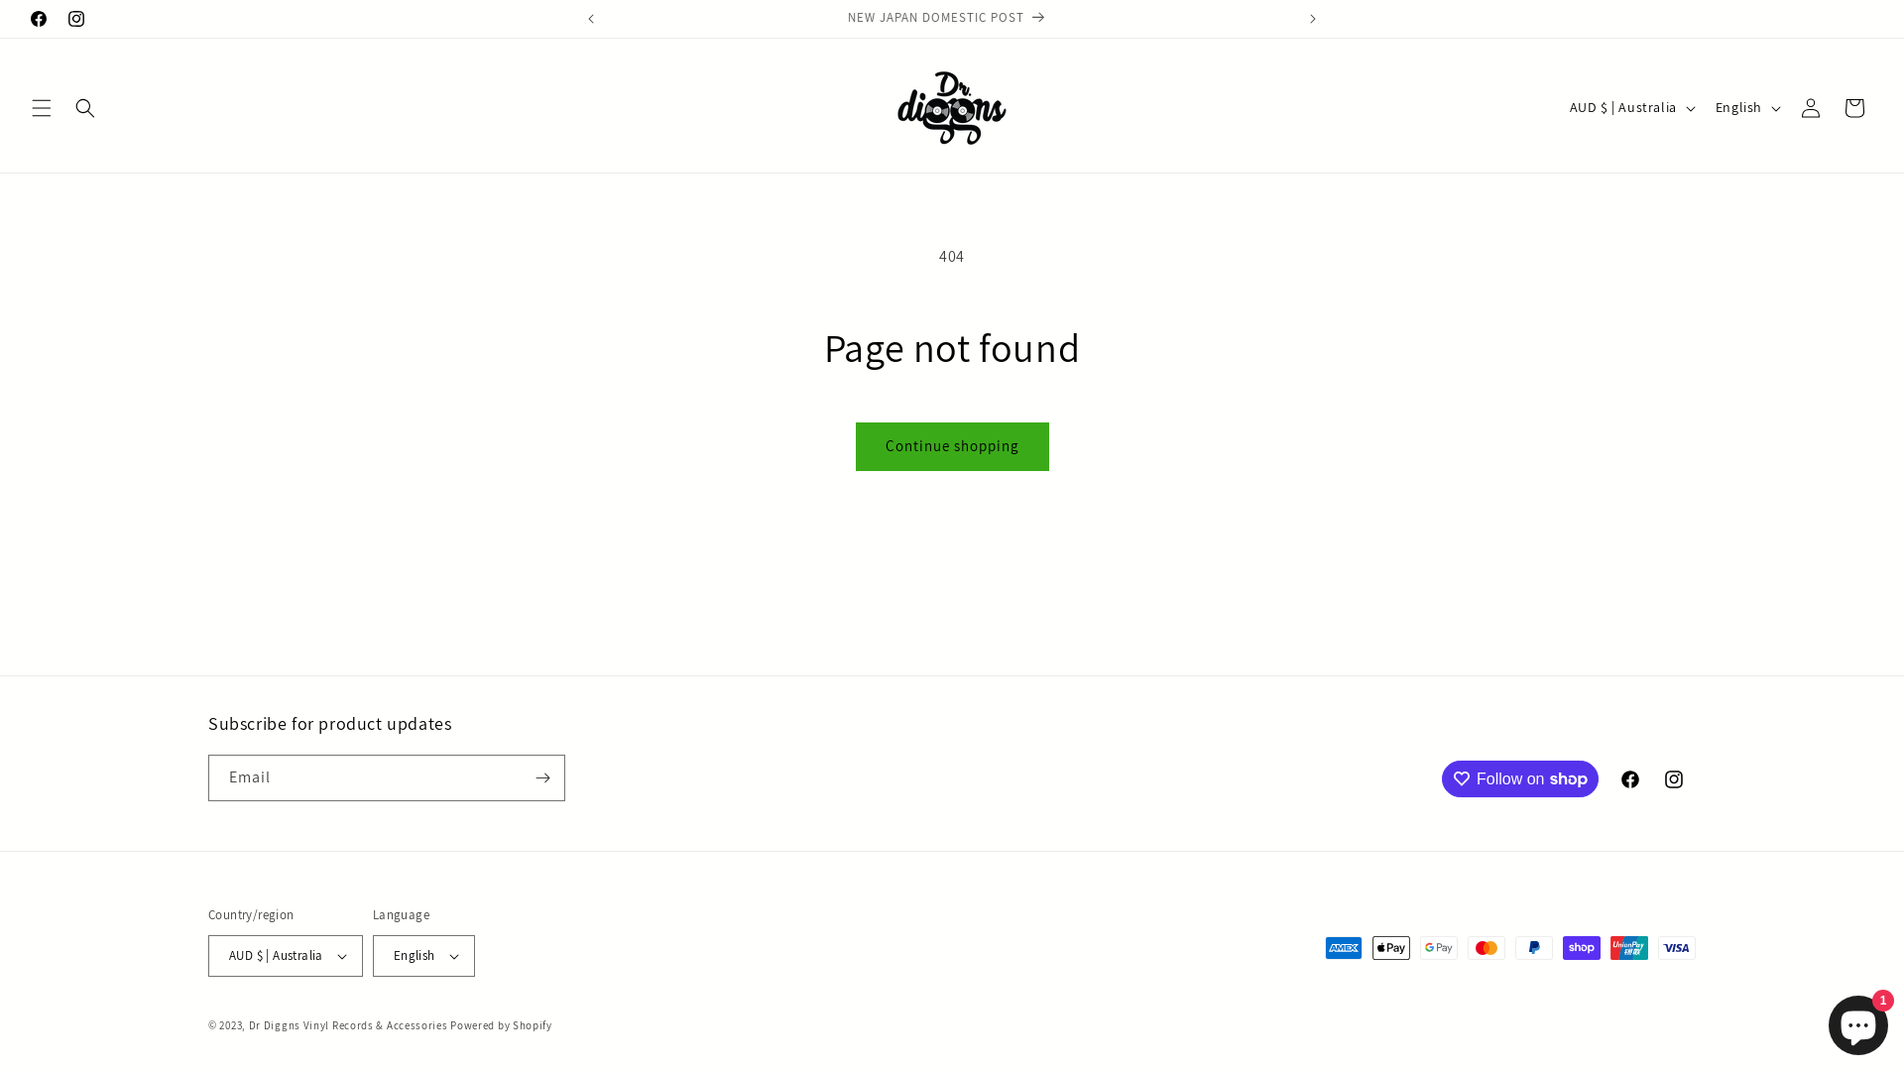 Image resolution: width=1904 pixels, height=1071 pixels. I want to click on 'AUD $ | Australia', so click(285, 955).